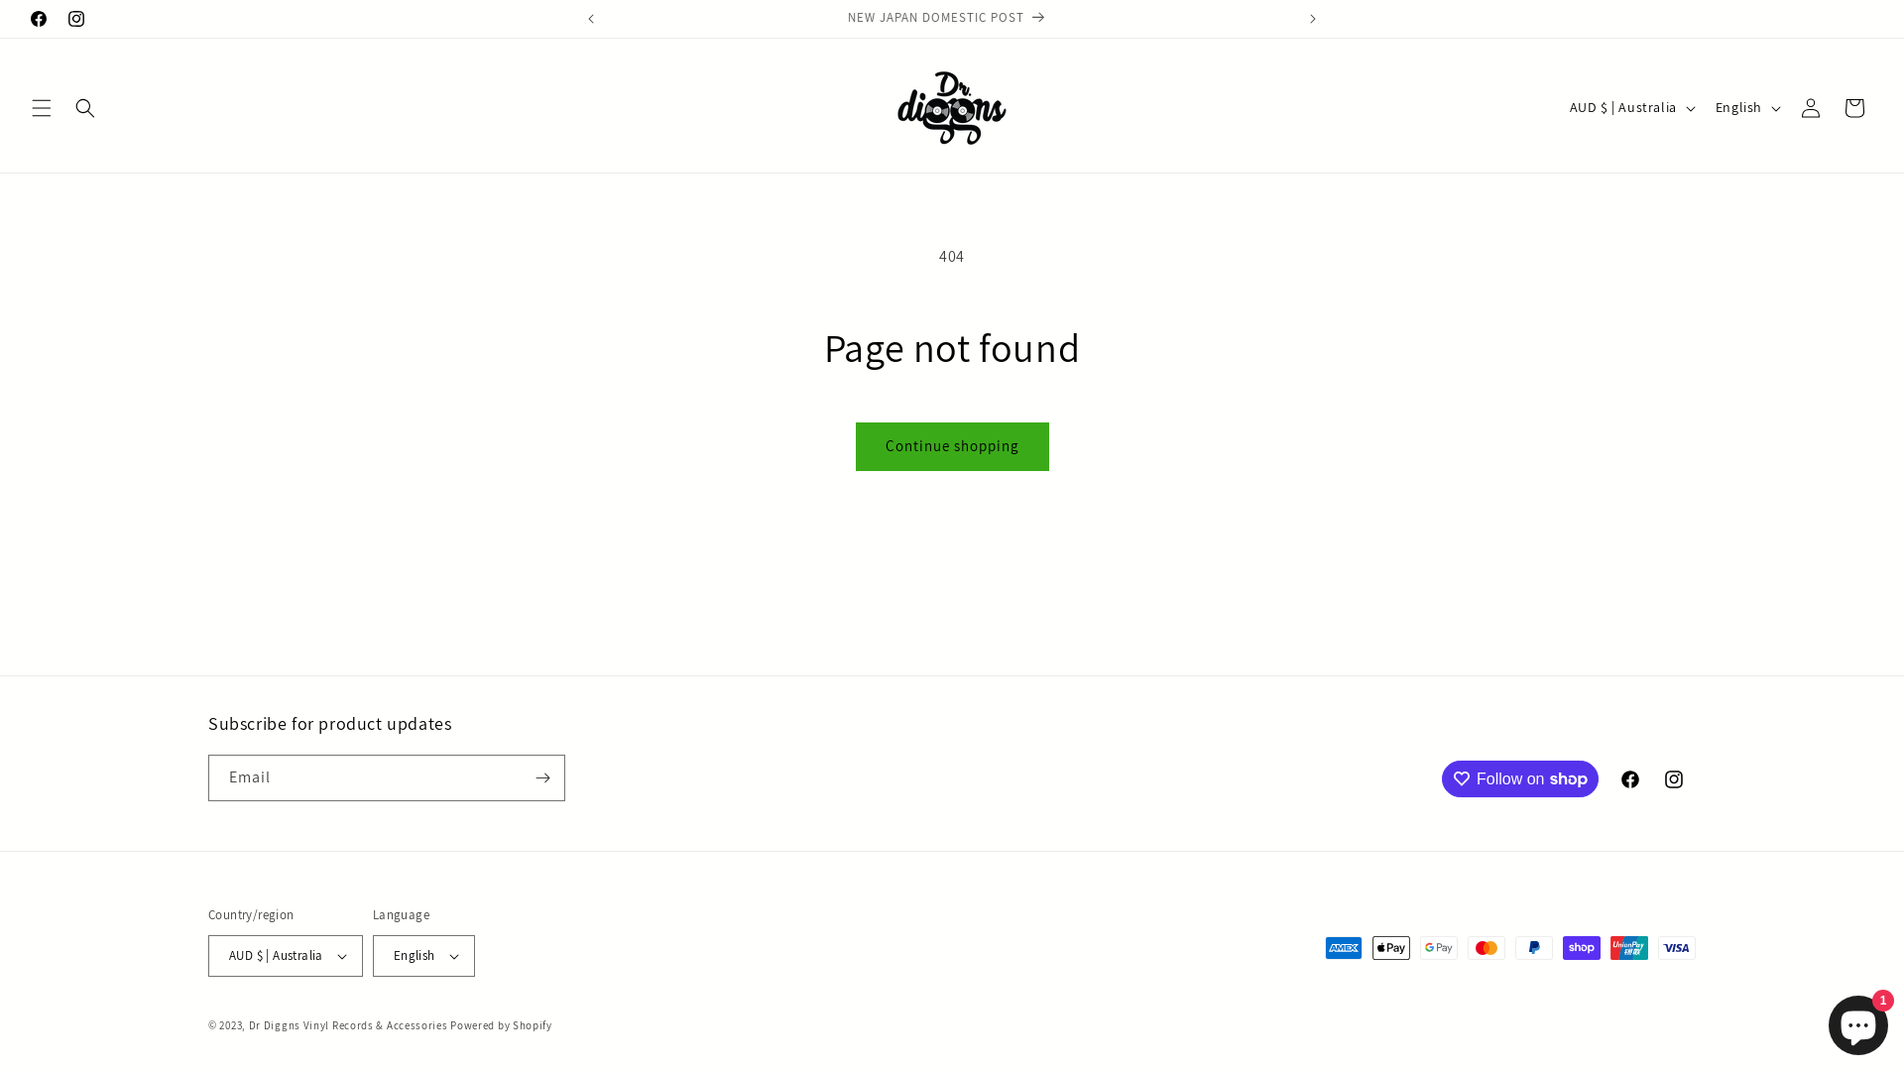 Image resolution: width=1904 pixels, height=1071 pixels. I want to click on 'AUD $ | Australia', so click(285, 955).